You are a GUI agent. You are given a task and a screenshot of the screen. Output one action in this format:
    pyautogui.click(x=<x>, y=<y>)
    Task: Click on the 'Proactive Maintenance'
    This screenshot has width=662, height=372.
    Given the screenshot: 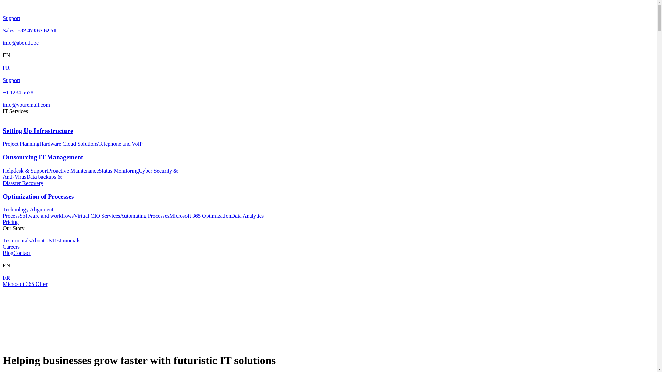 What is the action you would take?
    pyautogui.click(x=73, y=170)
    